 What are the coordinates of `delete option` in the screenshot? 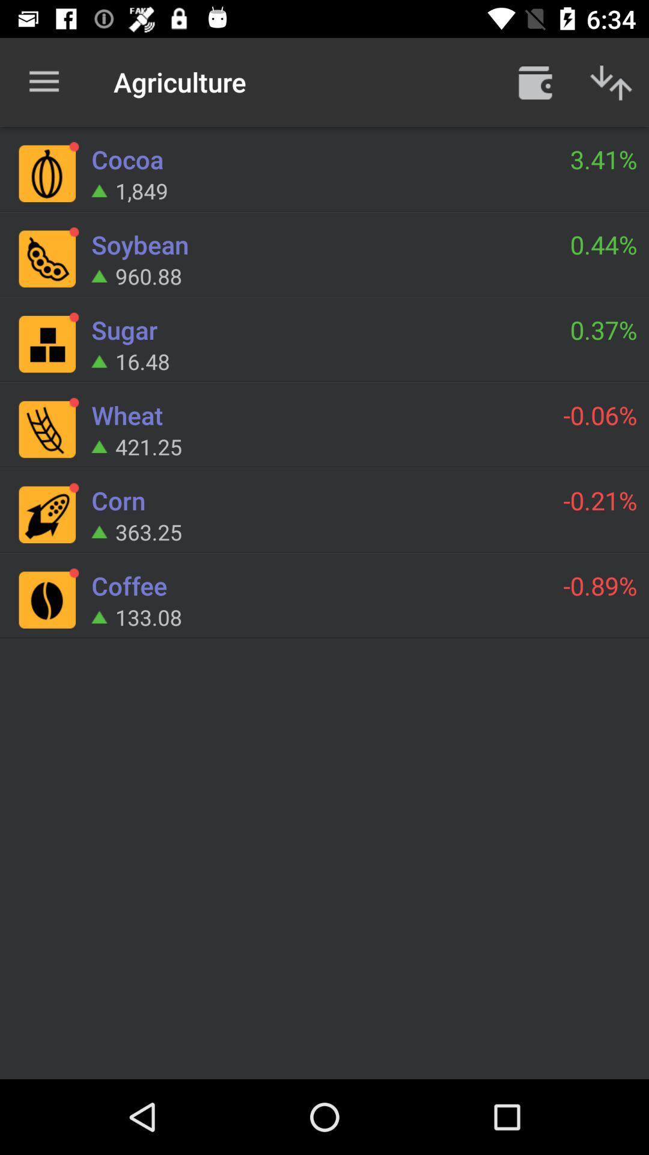 It's located at (535, 81).